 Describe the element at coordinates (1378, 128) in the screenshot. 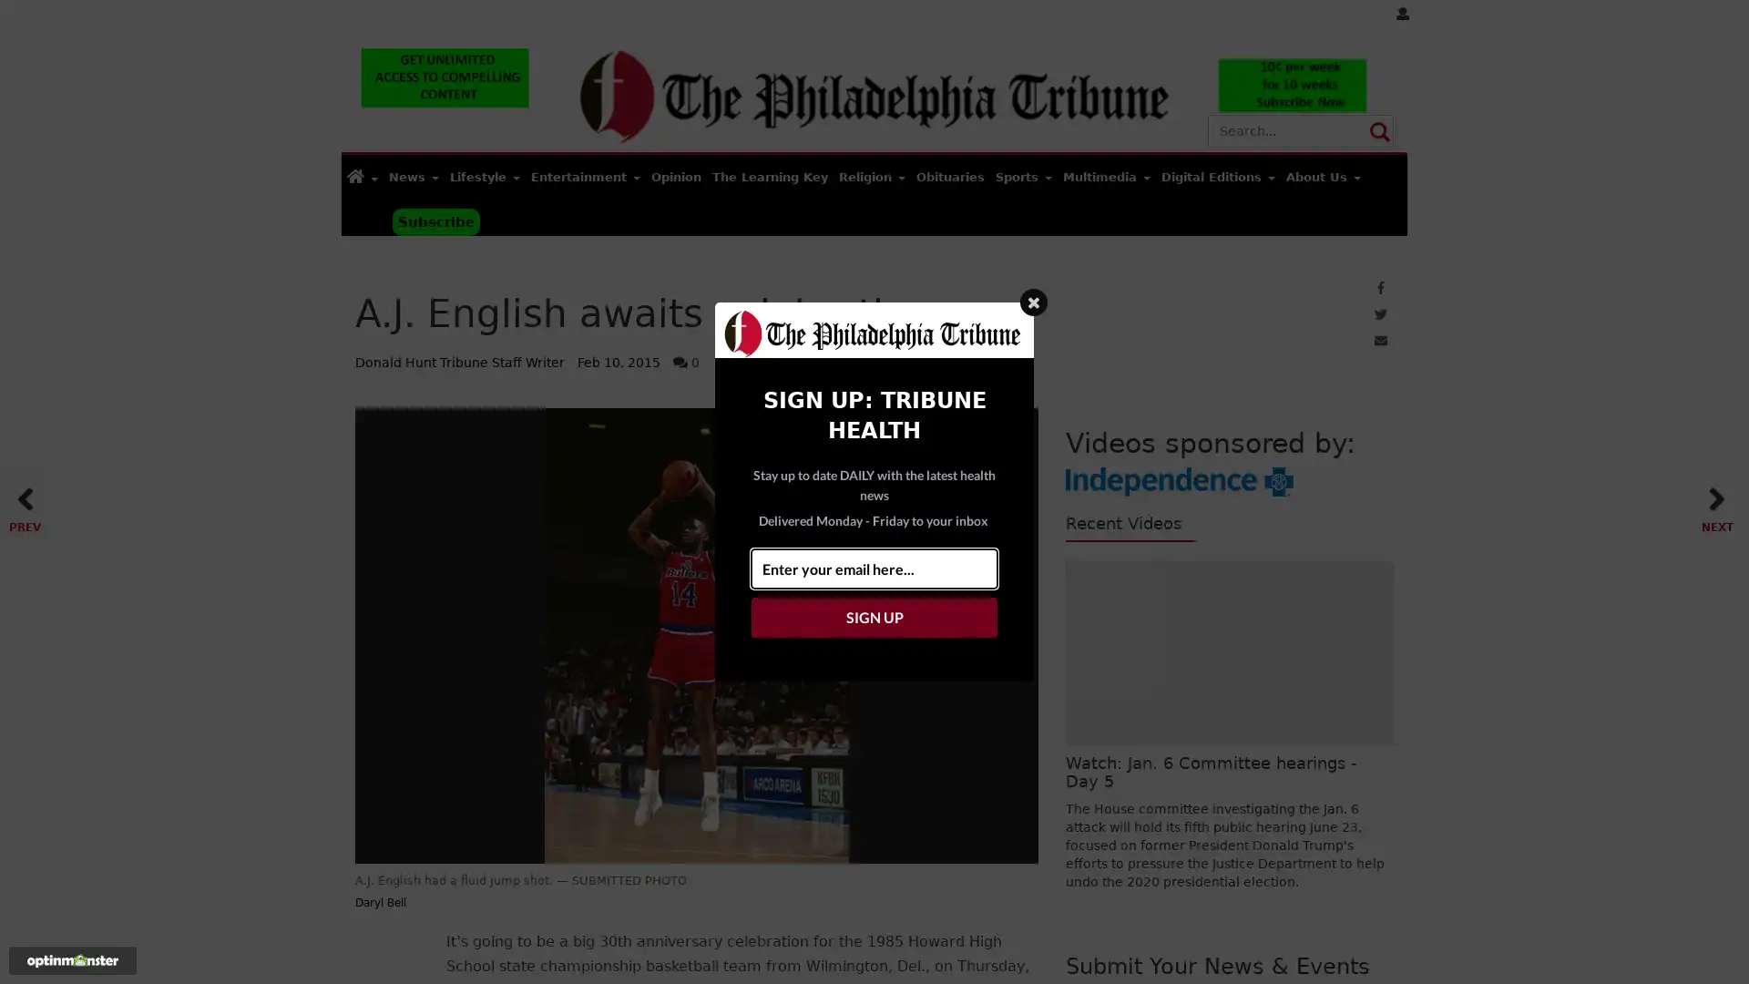

I see `Submit Site Search` at that location.